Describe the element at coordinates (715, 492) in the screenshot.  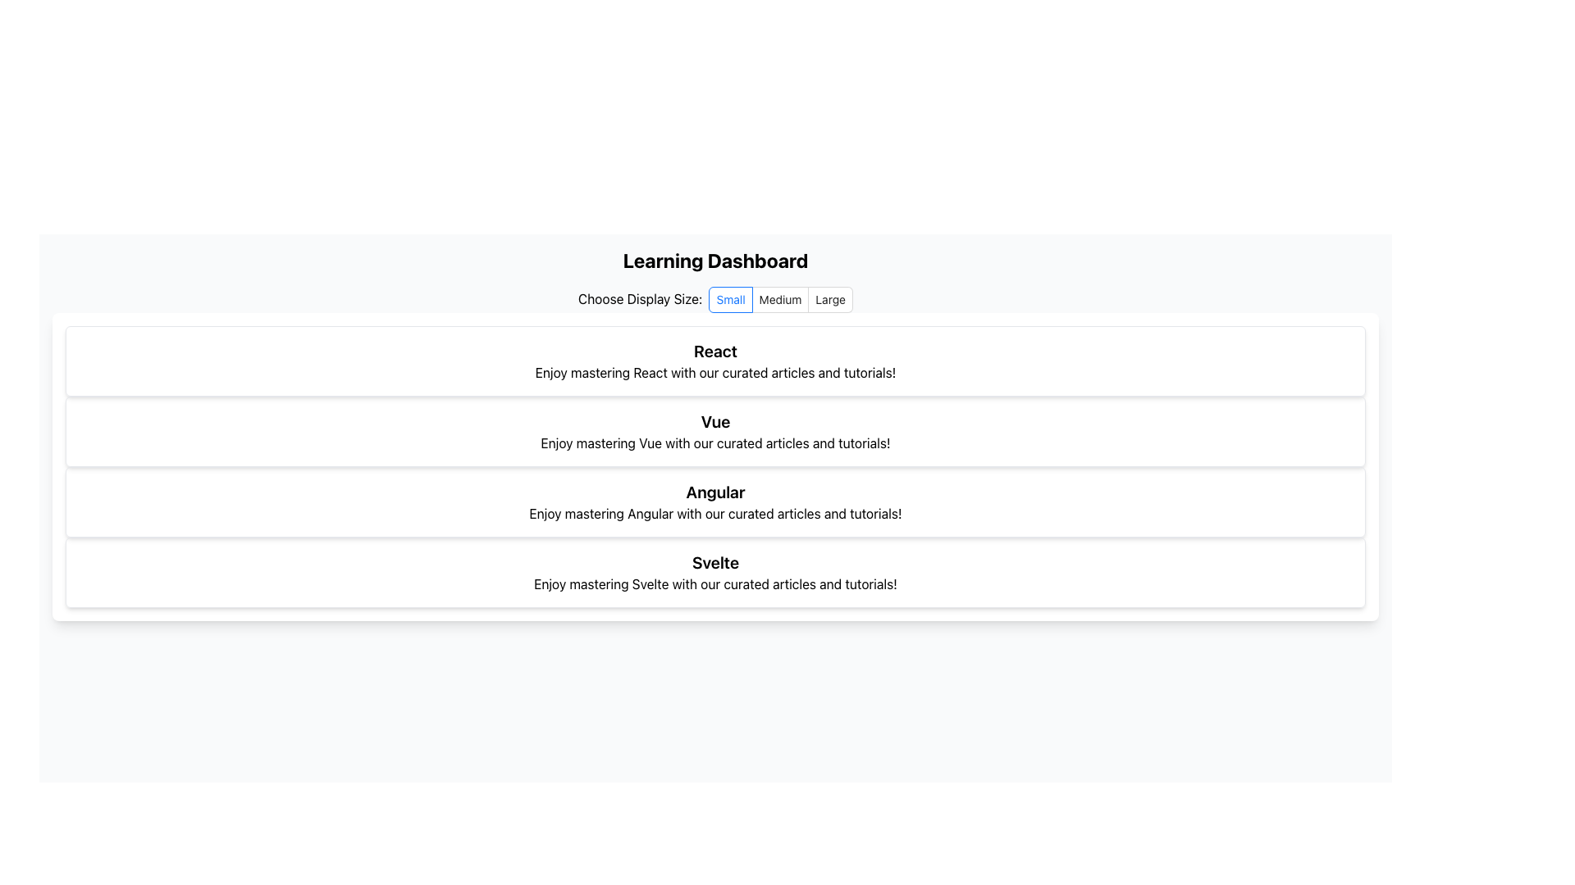
I see `the static text header that serves as the title for the Angular section, indicating the content related to Angular tutorials and articles` at that location.